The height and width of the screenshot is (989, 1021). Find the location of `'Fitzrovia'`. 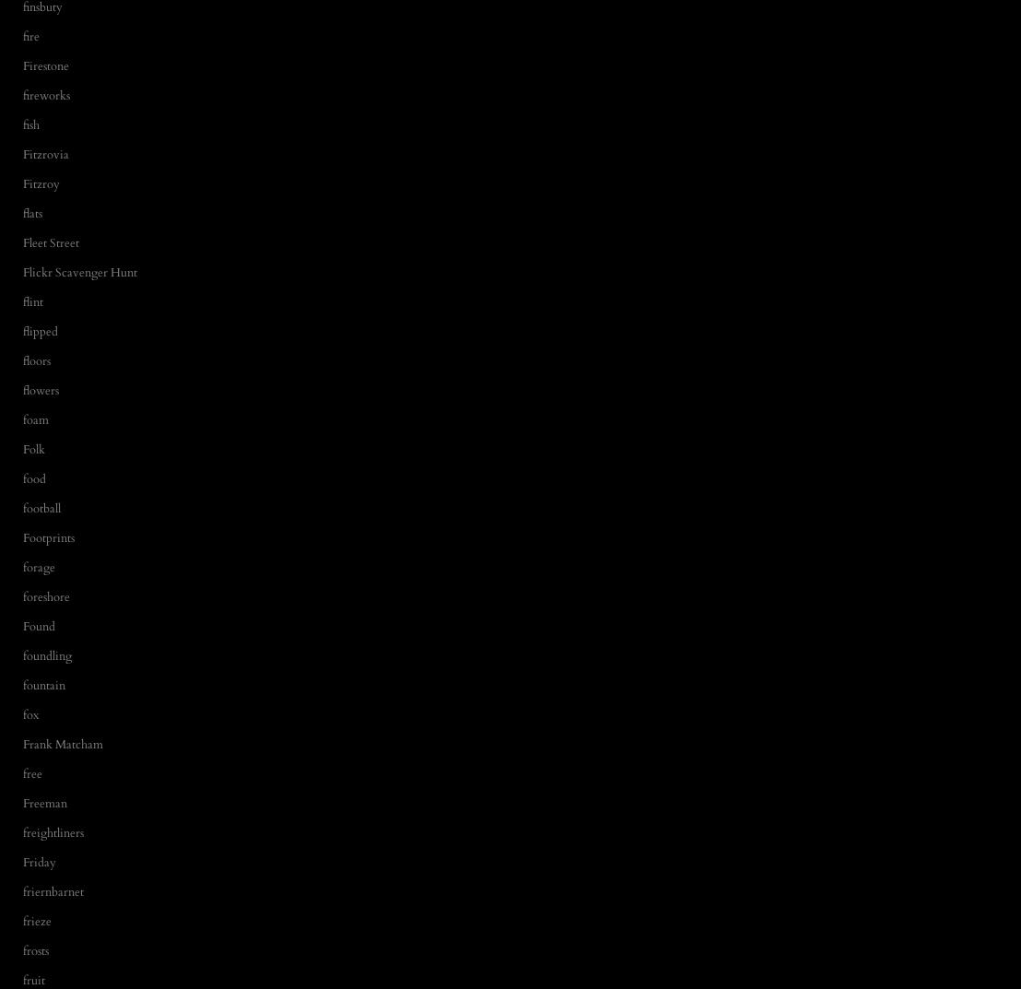

'Fitzrovia' is located at coordinates (44, 152).